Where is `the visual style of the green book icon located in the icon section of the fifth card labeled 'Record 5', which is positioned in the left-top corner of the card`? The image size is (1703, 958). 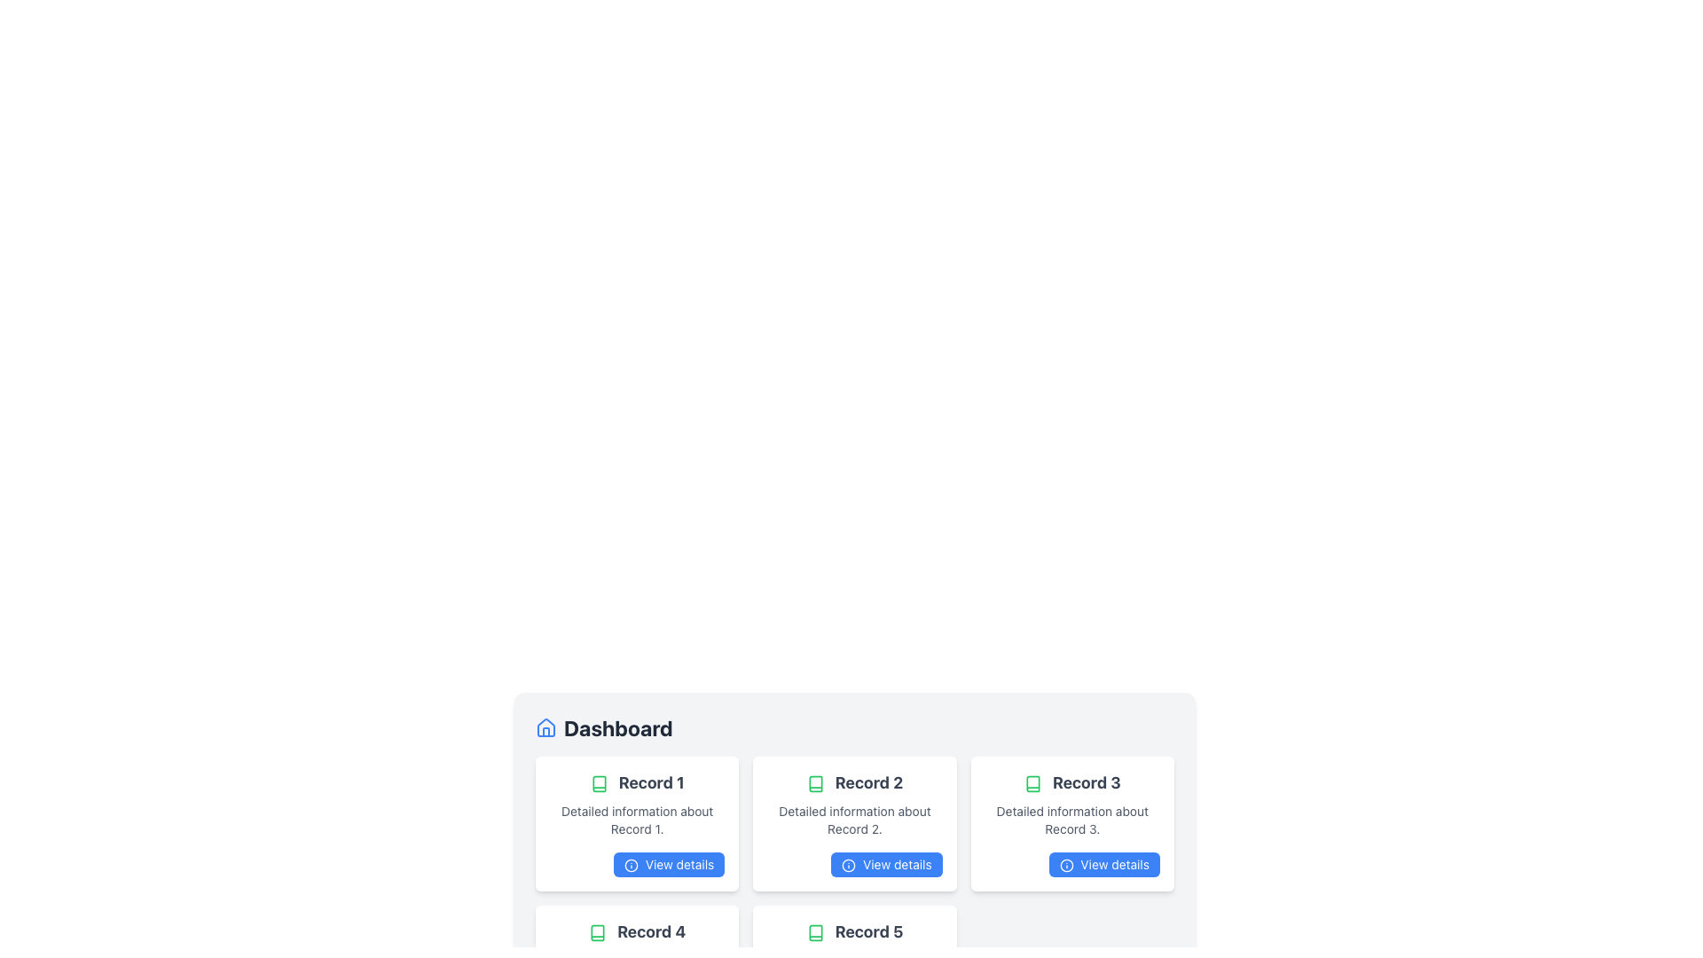 the visual style of the green book icon located in the icon section of the fifth card labeled 'Record 5', which is positioned in the left-top corner of the card is located at coordinates (814, 932).